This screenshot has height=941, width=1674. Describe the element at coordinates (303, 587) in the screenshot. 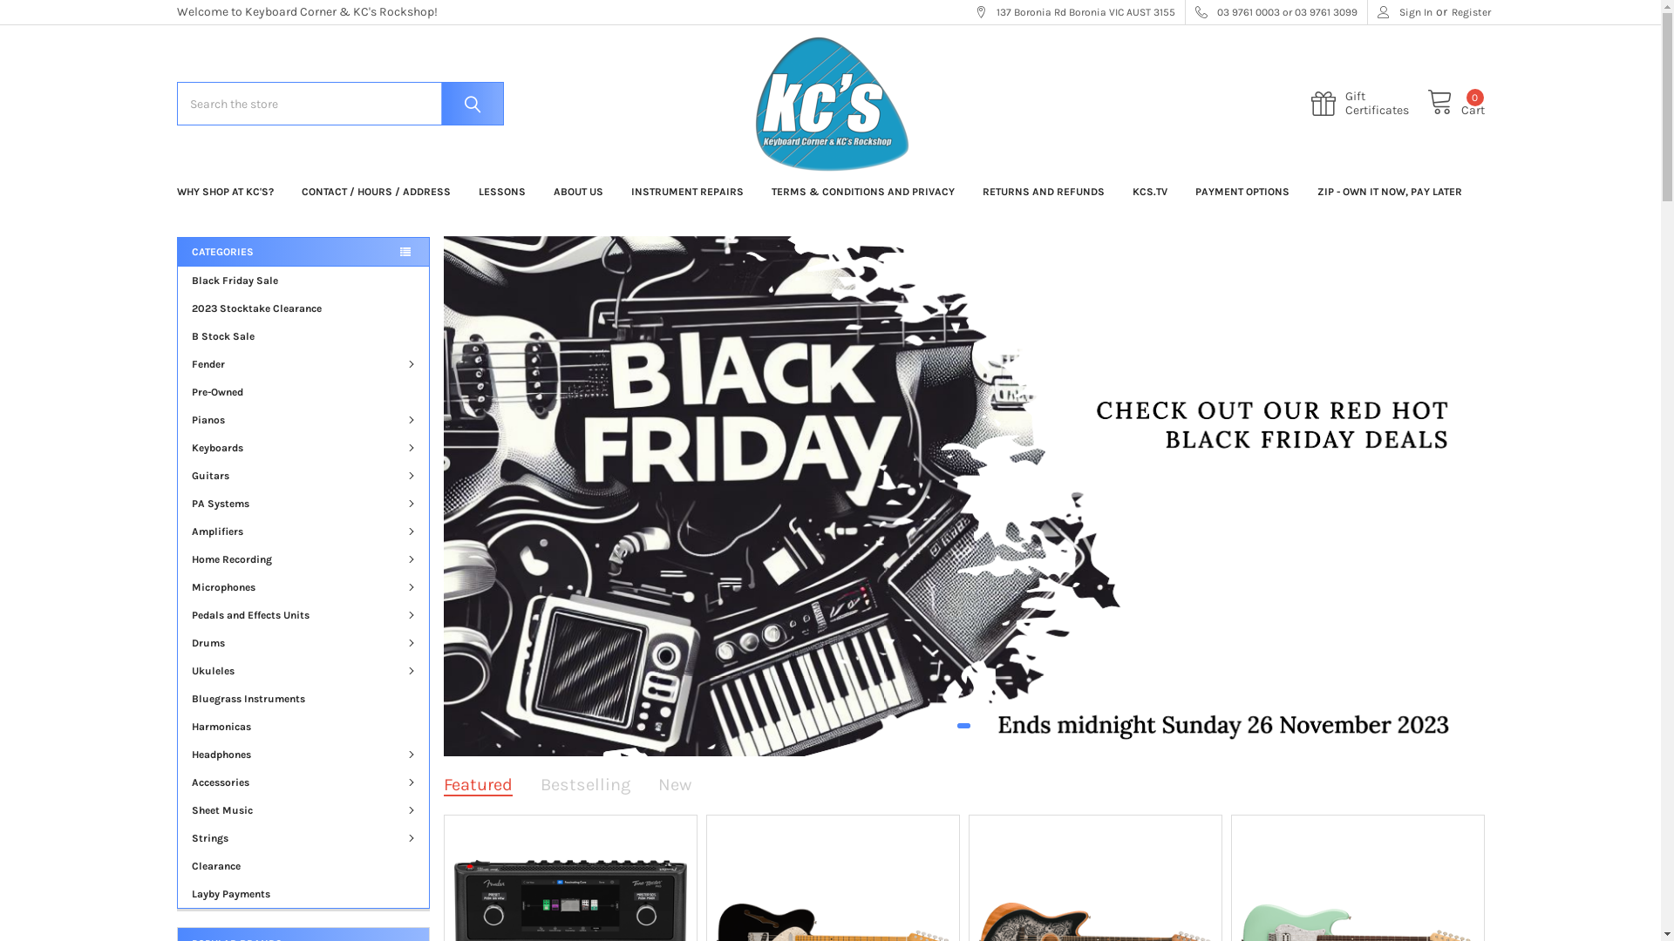

I see `'Microphones'` at that location.